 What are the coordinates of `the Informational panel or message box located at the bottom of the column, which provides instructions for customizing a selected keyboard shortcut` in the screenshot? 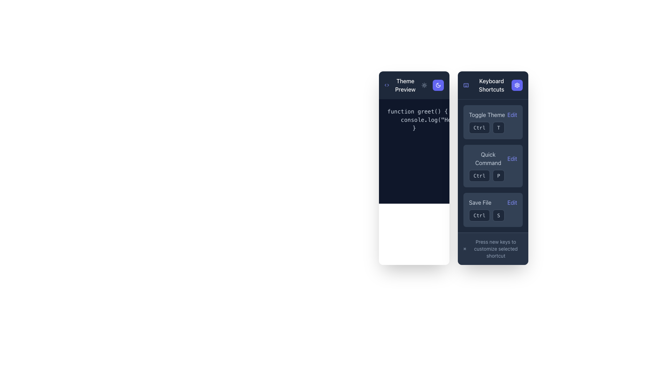 It's located at (492, 248).